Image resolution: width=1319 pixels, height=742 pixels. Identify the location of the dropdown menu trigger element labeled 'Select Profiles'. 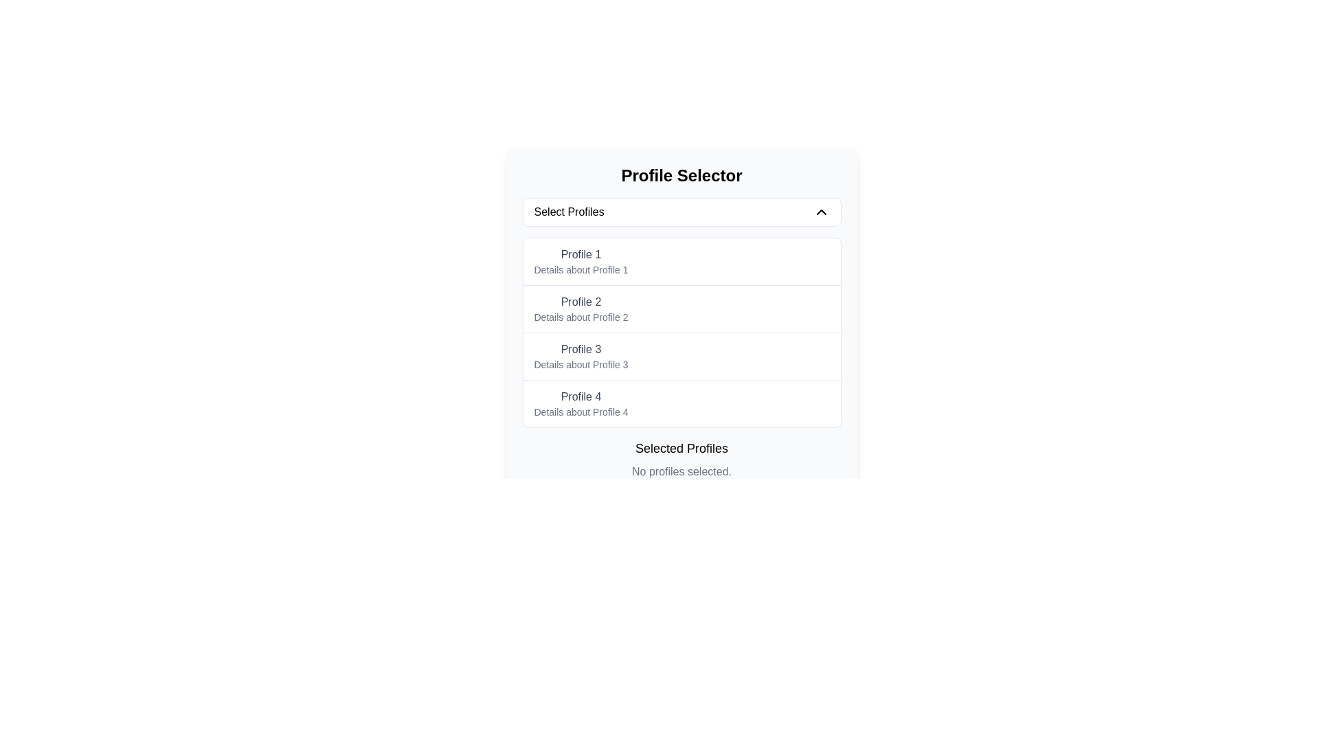
(681, 212).